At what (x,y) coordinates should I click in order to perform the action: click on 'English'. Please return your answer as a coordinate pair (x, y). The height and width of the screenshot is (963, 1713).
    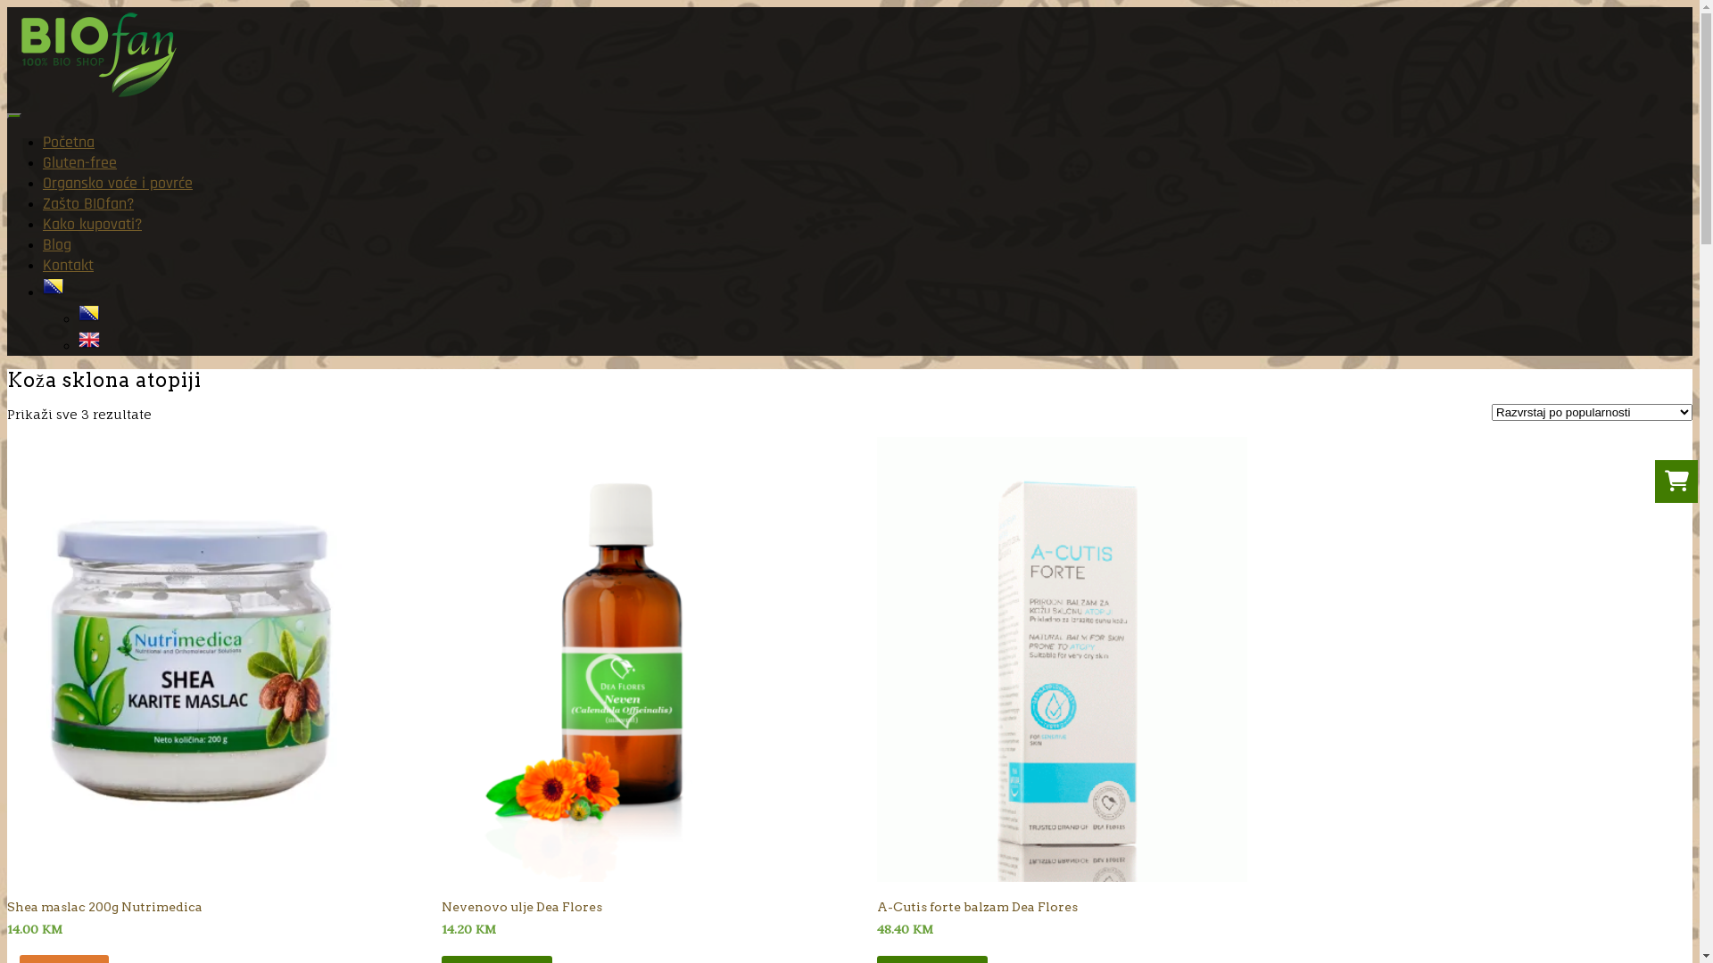
    Looking at the image, I should click on (77, 345).